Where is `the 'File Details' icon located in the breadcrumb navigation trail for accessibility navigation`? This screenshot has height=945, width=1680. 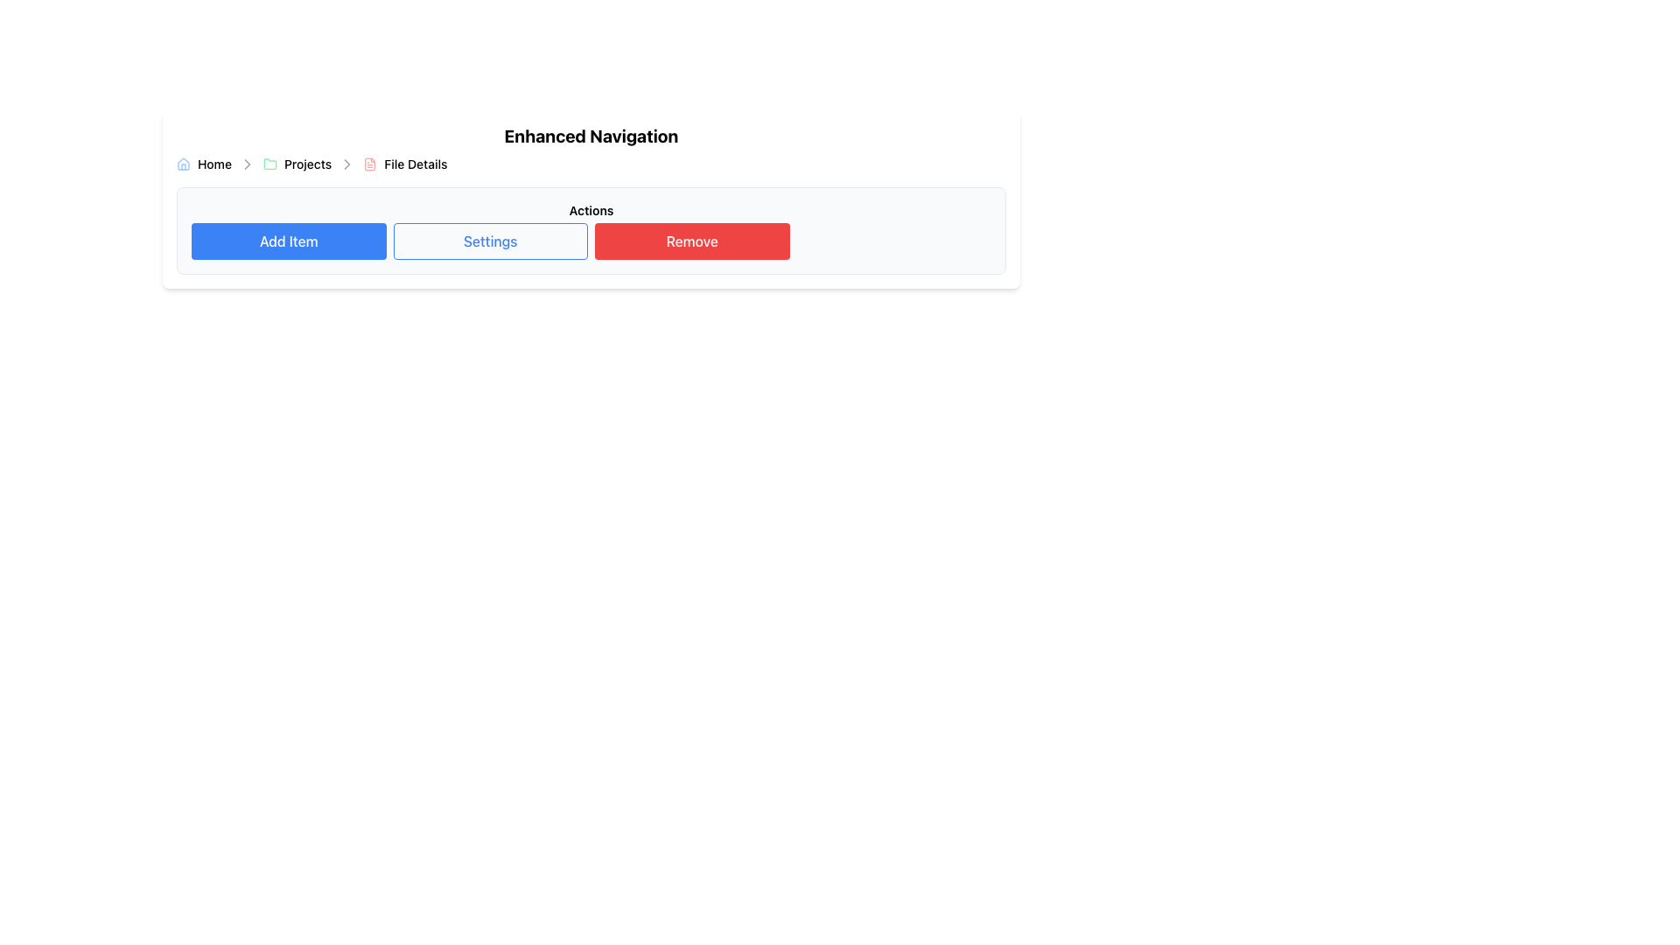 the 'File Details' icon located in the breadcrumb navigation trail for accessibility navigation is located at coordinates (369, 164).